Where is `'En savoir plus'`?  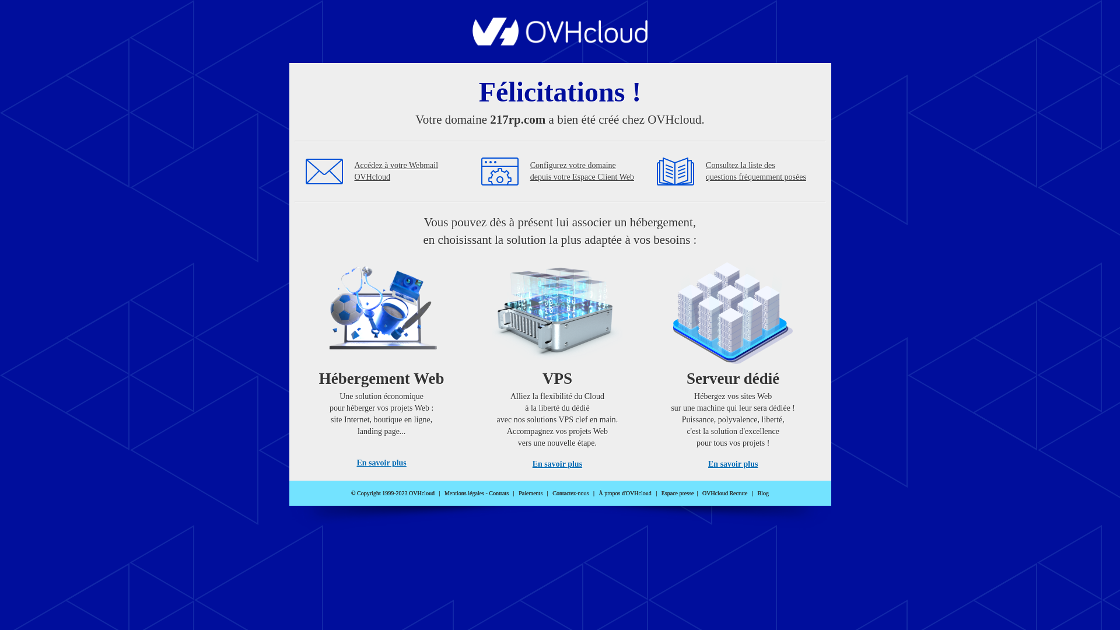
'En savoir plus' is located at coordinates (381, 462).